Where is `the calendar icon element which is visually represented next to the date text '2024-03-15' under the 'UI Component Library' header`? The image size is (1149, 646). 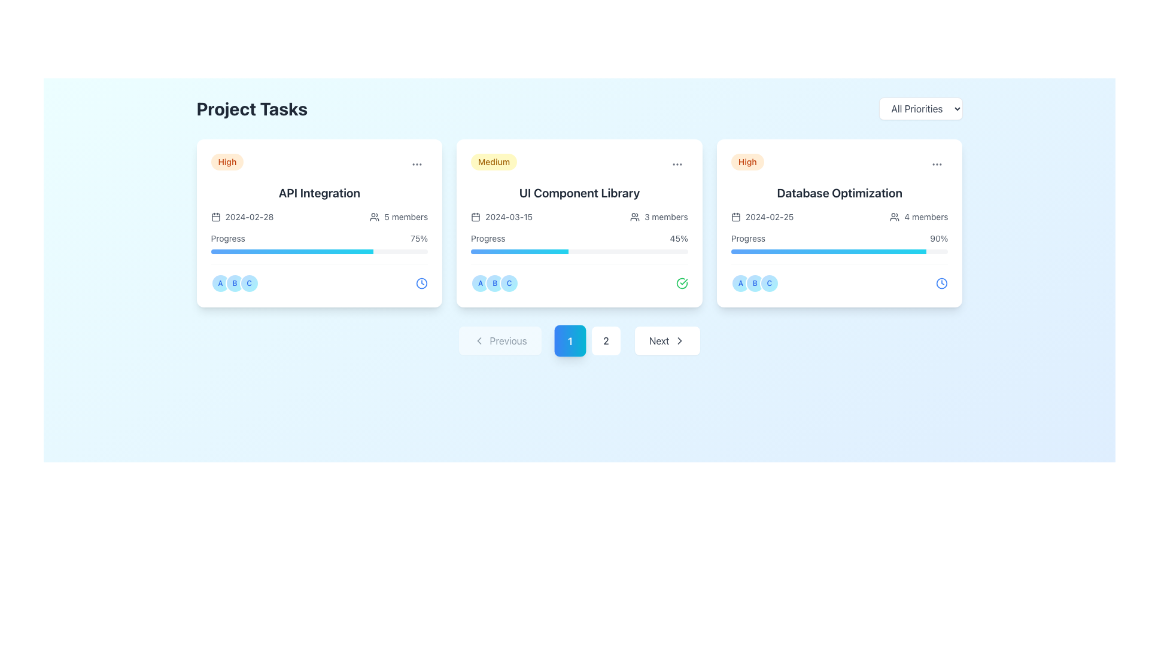
the calendar icon element which is visually represented next to the date text '2024-03-15' under the 'UI Component Library' header is located at coordinates (475, 217).